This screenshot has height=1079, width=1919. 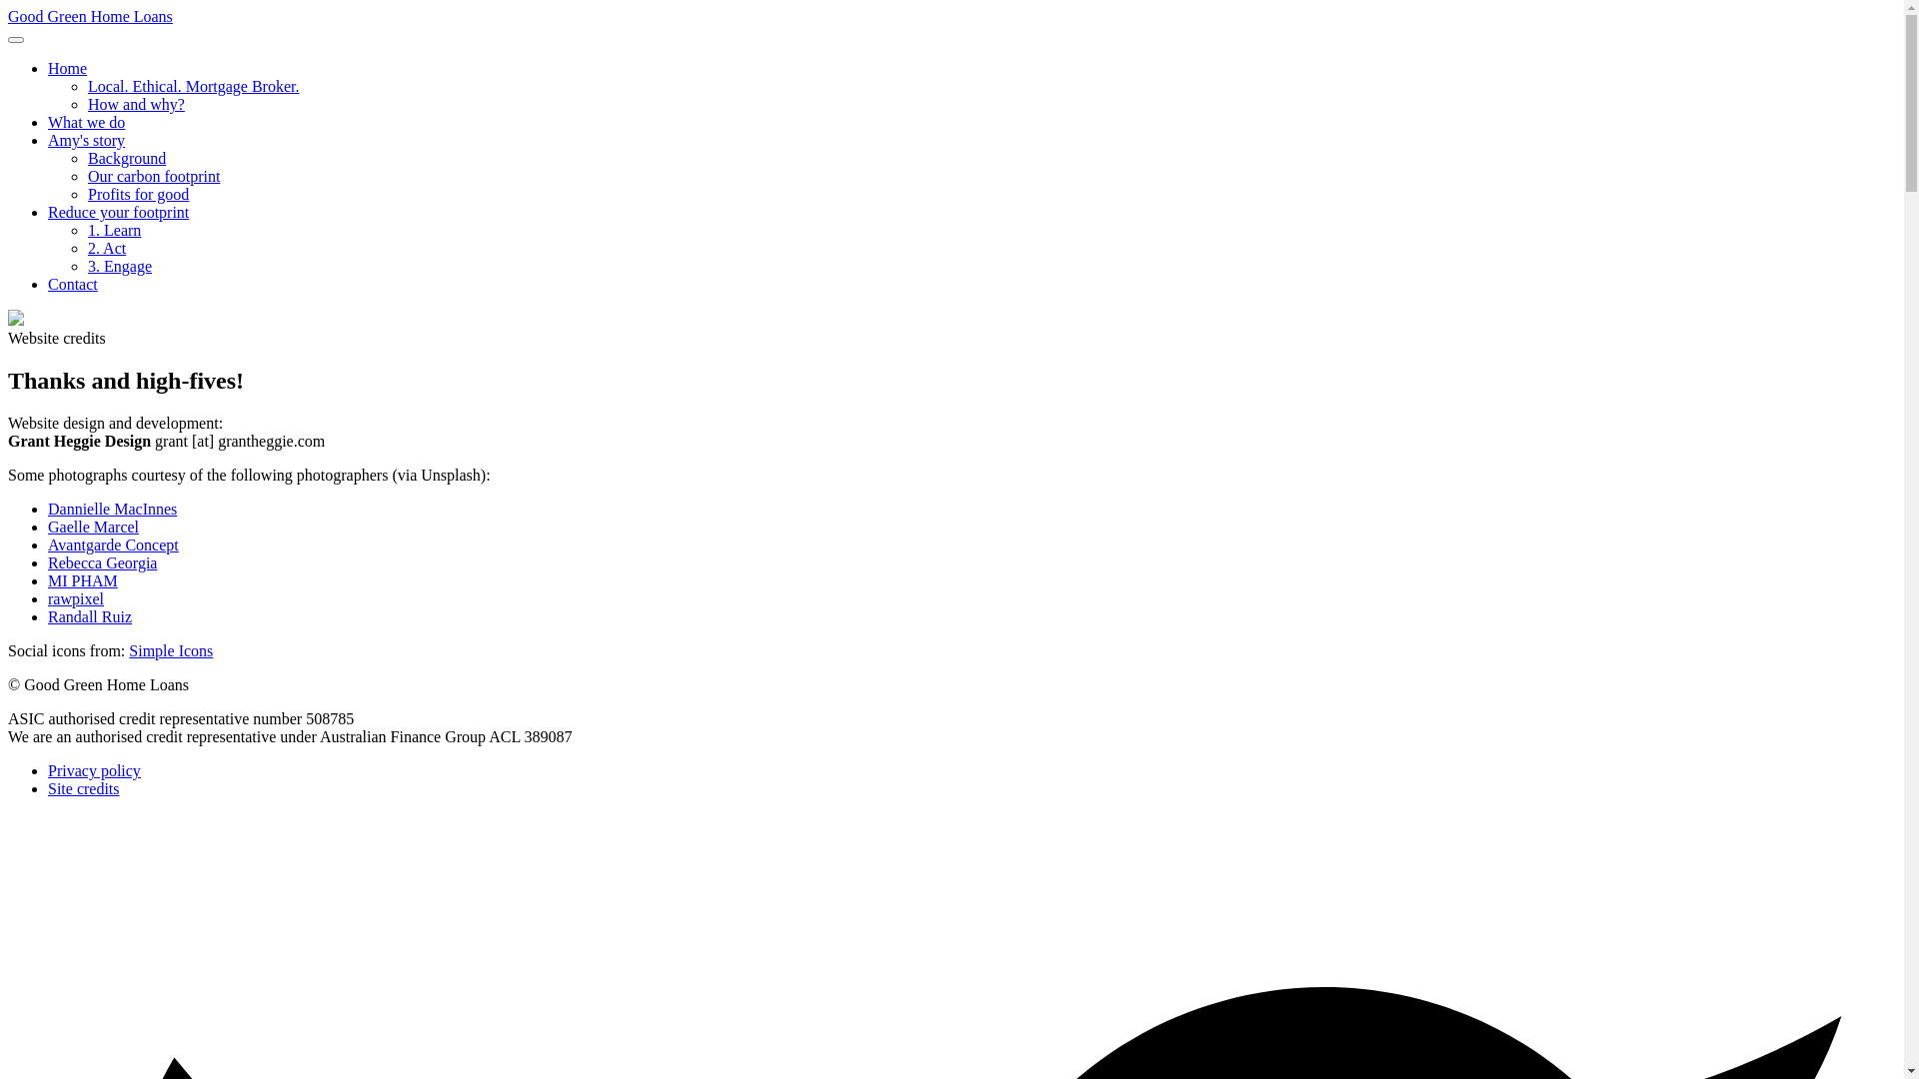 What do you see at coordinates (82, 787) in the screenshot?
I see `'Site credits'` at bounding box center [82, 787].